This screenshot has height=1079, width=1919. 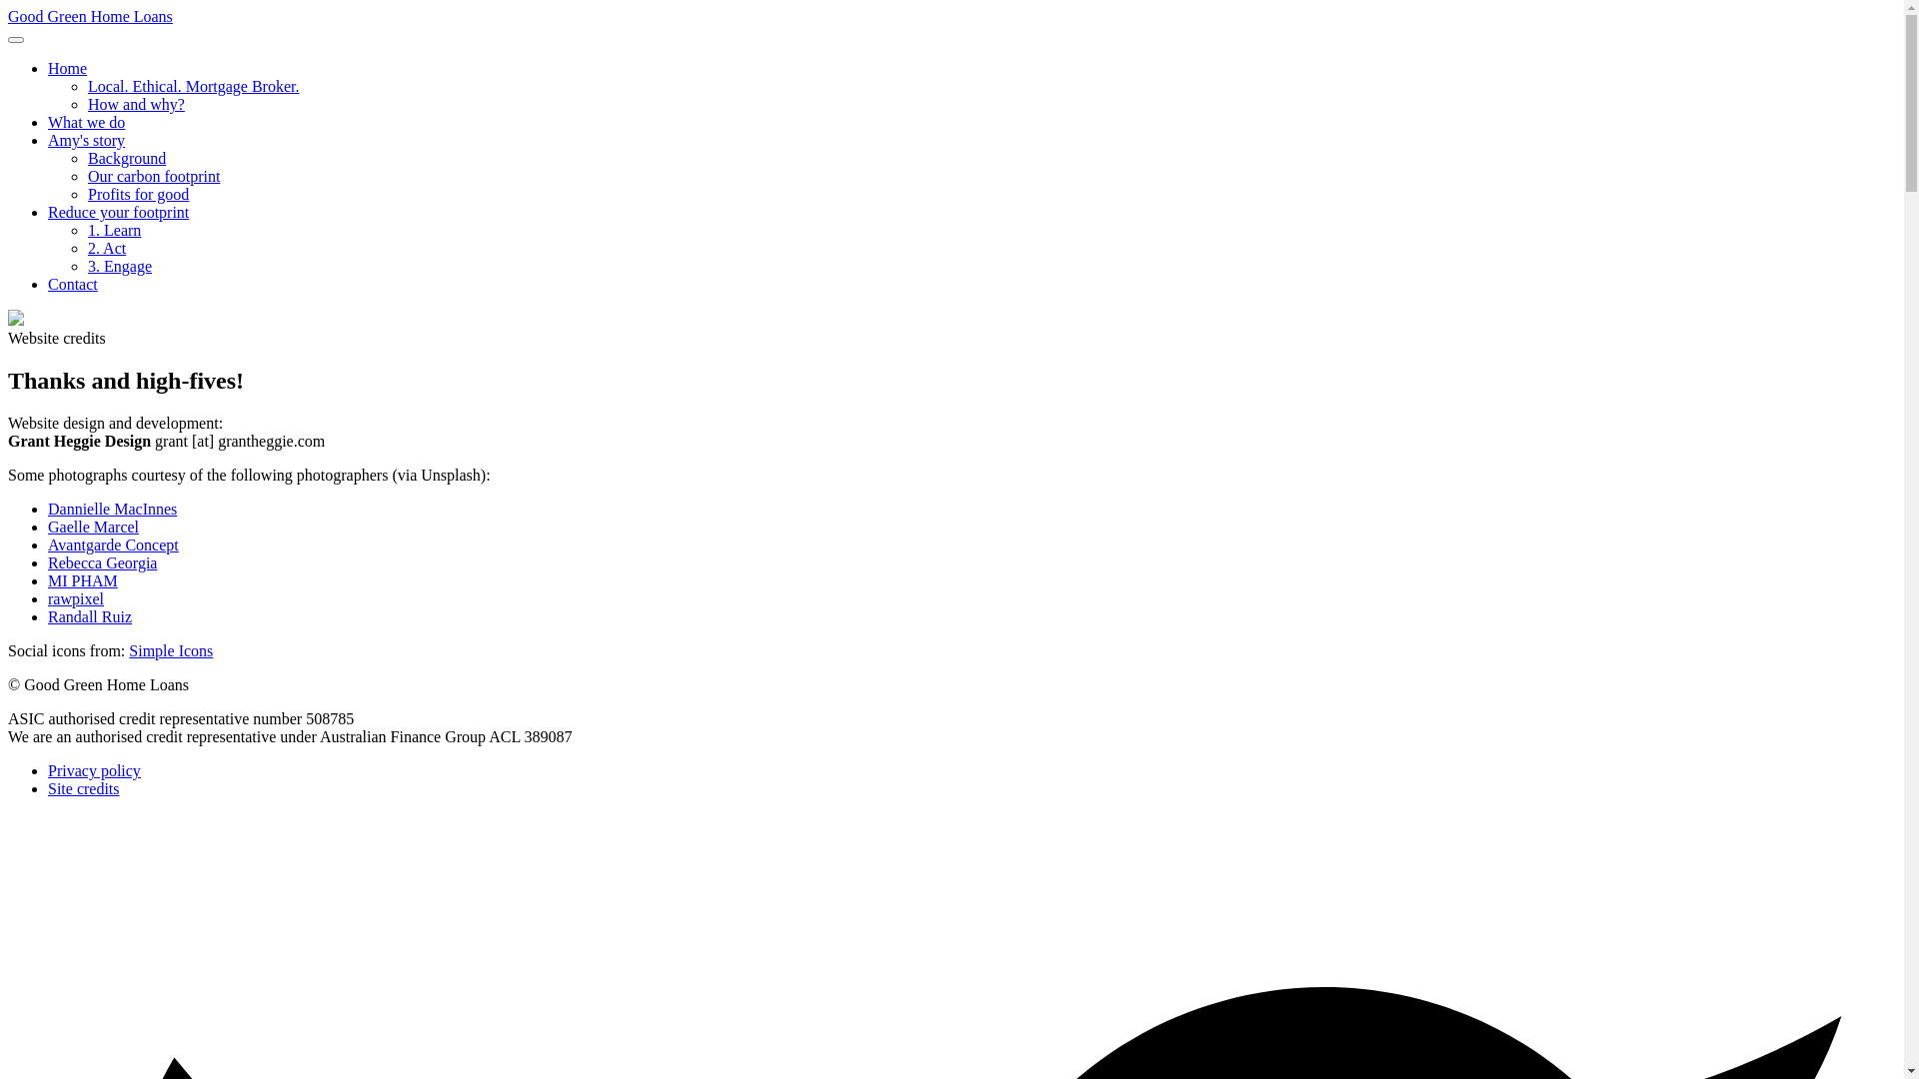 What do you see at coordinates (82, 787) in the screenshot?
I see `'Site credits'` at bounding box center [82, 787].